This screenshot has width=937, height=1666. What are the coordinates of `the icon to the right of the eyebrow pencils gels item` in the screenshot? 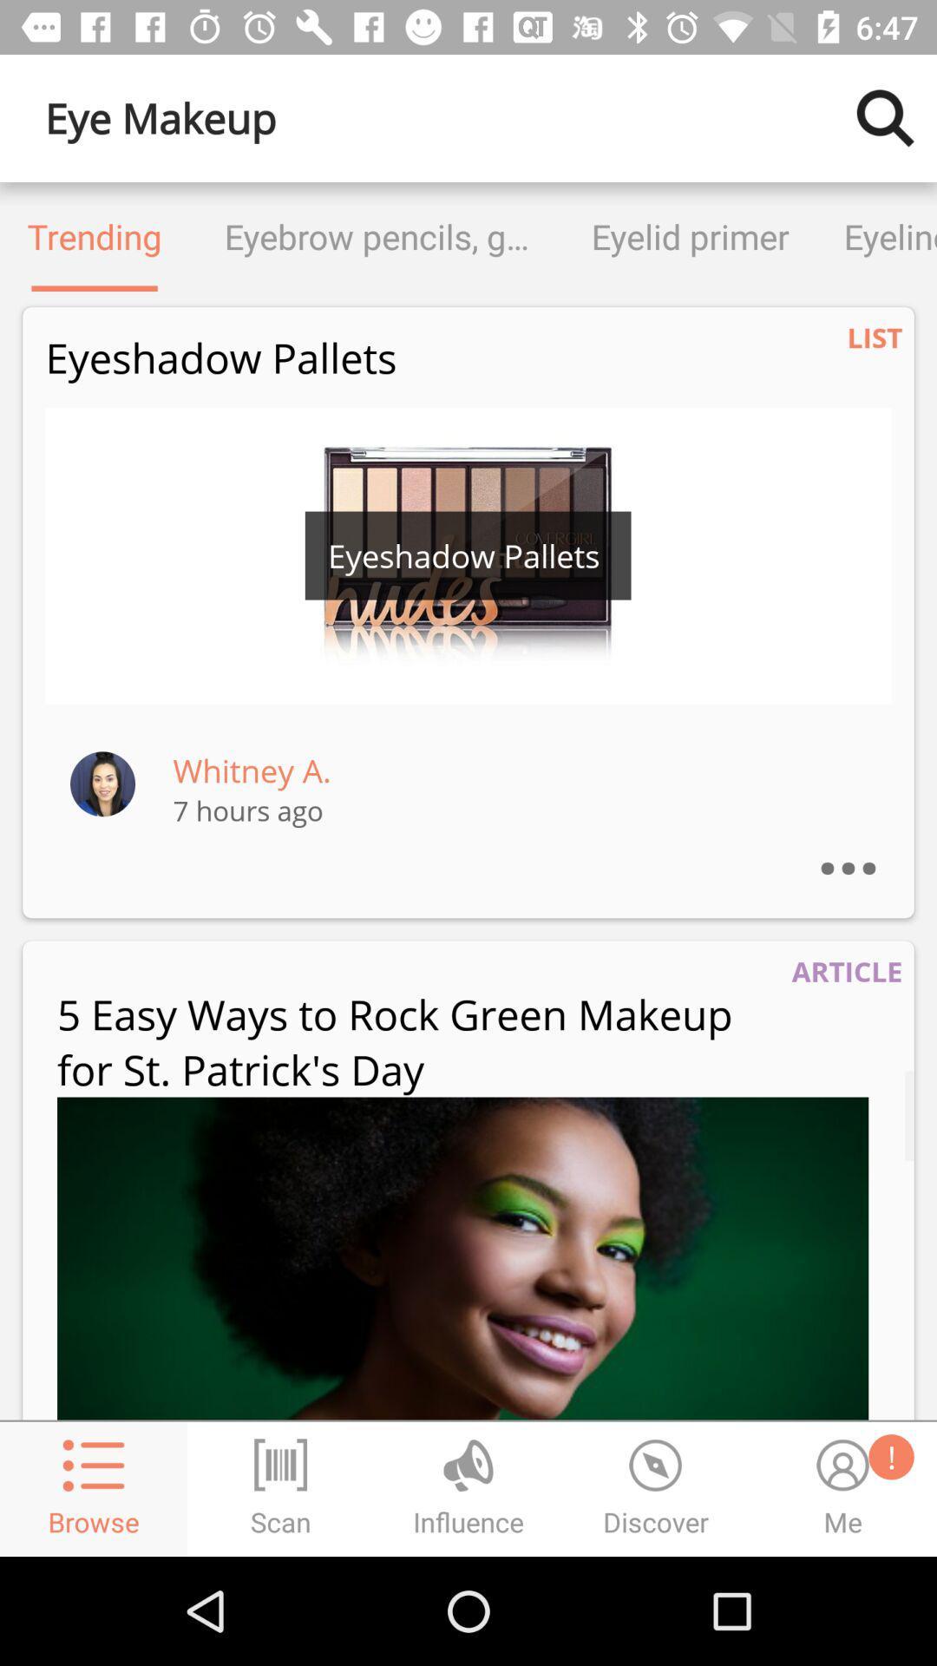 It's located at (689, 236).